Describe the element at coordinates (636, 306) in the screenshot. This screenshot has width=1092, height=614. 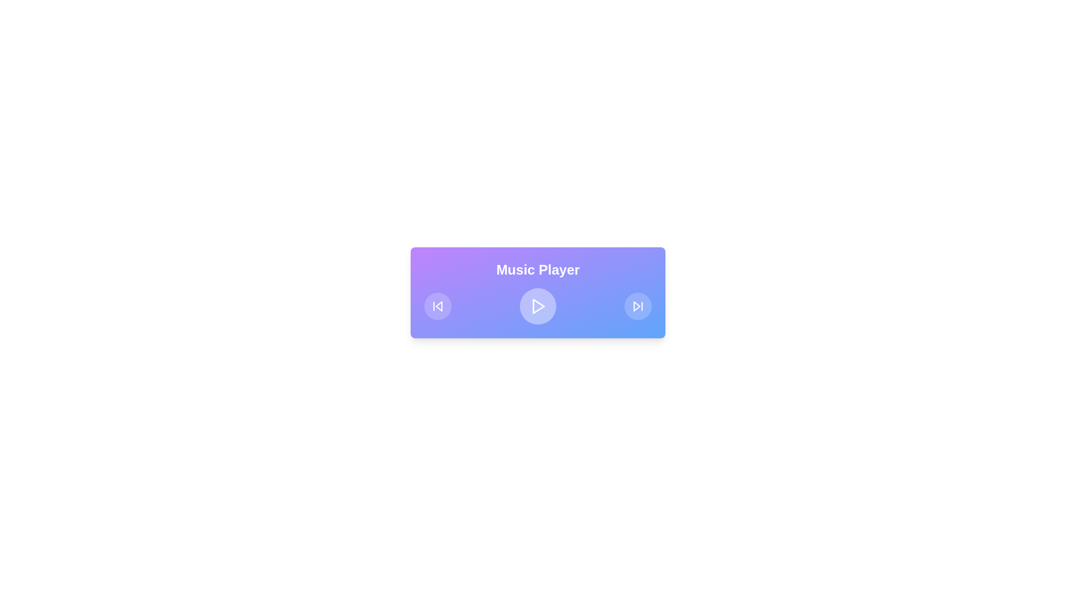
I see `the skip-forward icon represented as a right-oriented arrow-like shape located at the bottom right end of the multimedia control bar` at that location.